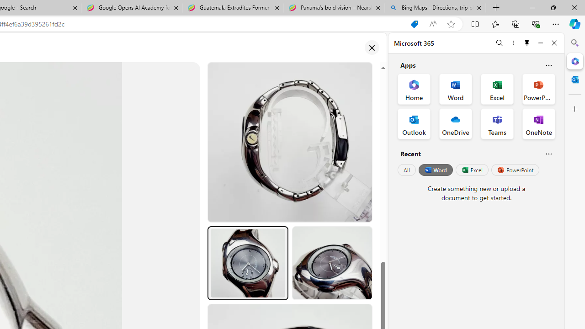 This screenshot has width=585, height=329. I want to click on 'OneNote Office App', so click(538, 124).